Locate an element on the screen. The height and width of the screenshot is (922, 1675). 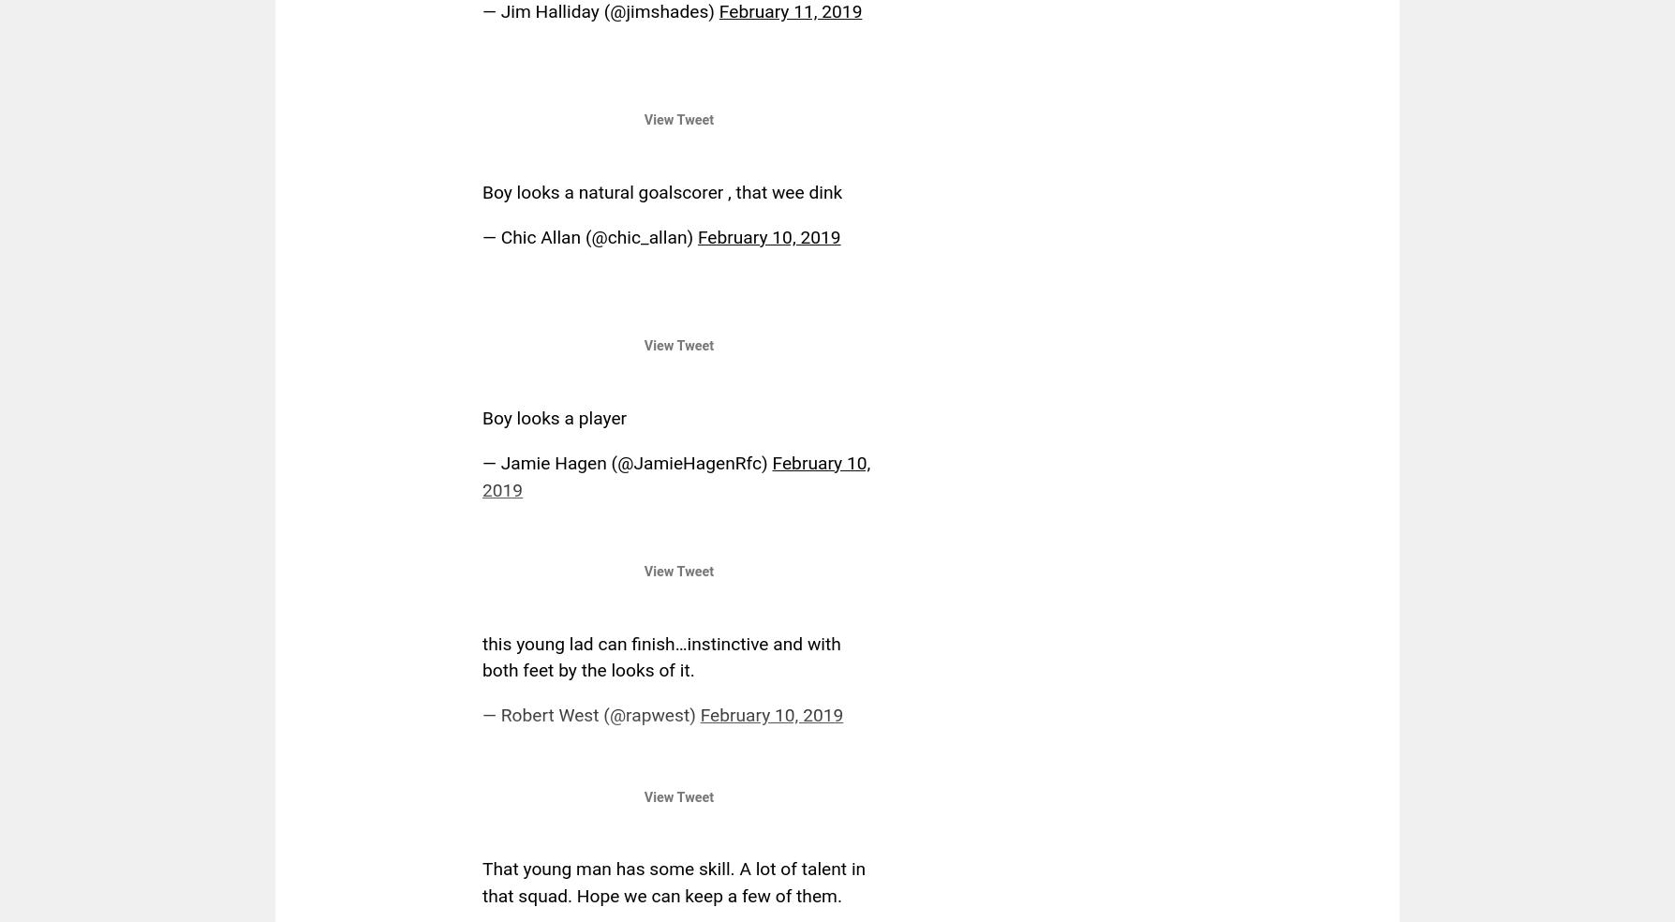
'this young lad can finish…instinctive and with both feet by the looks of it.' is located at coordinates (660, 657).